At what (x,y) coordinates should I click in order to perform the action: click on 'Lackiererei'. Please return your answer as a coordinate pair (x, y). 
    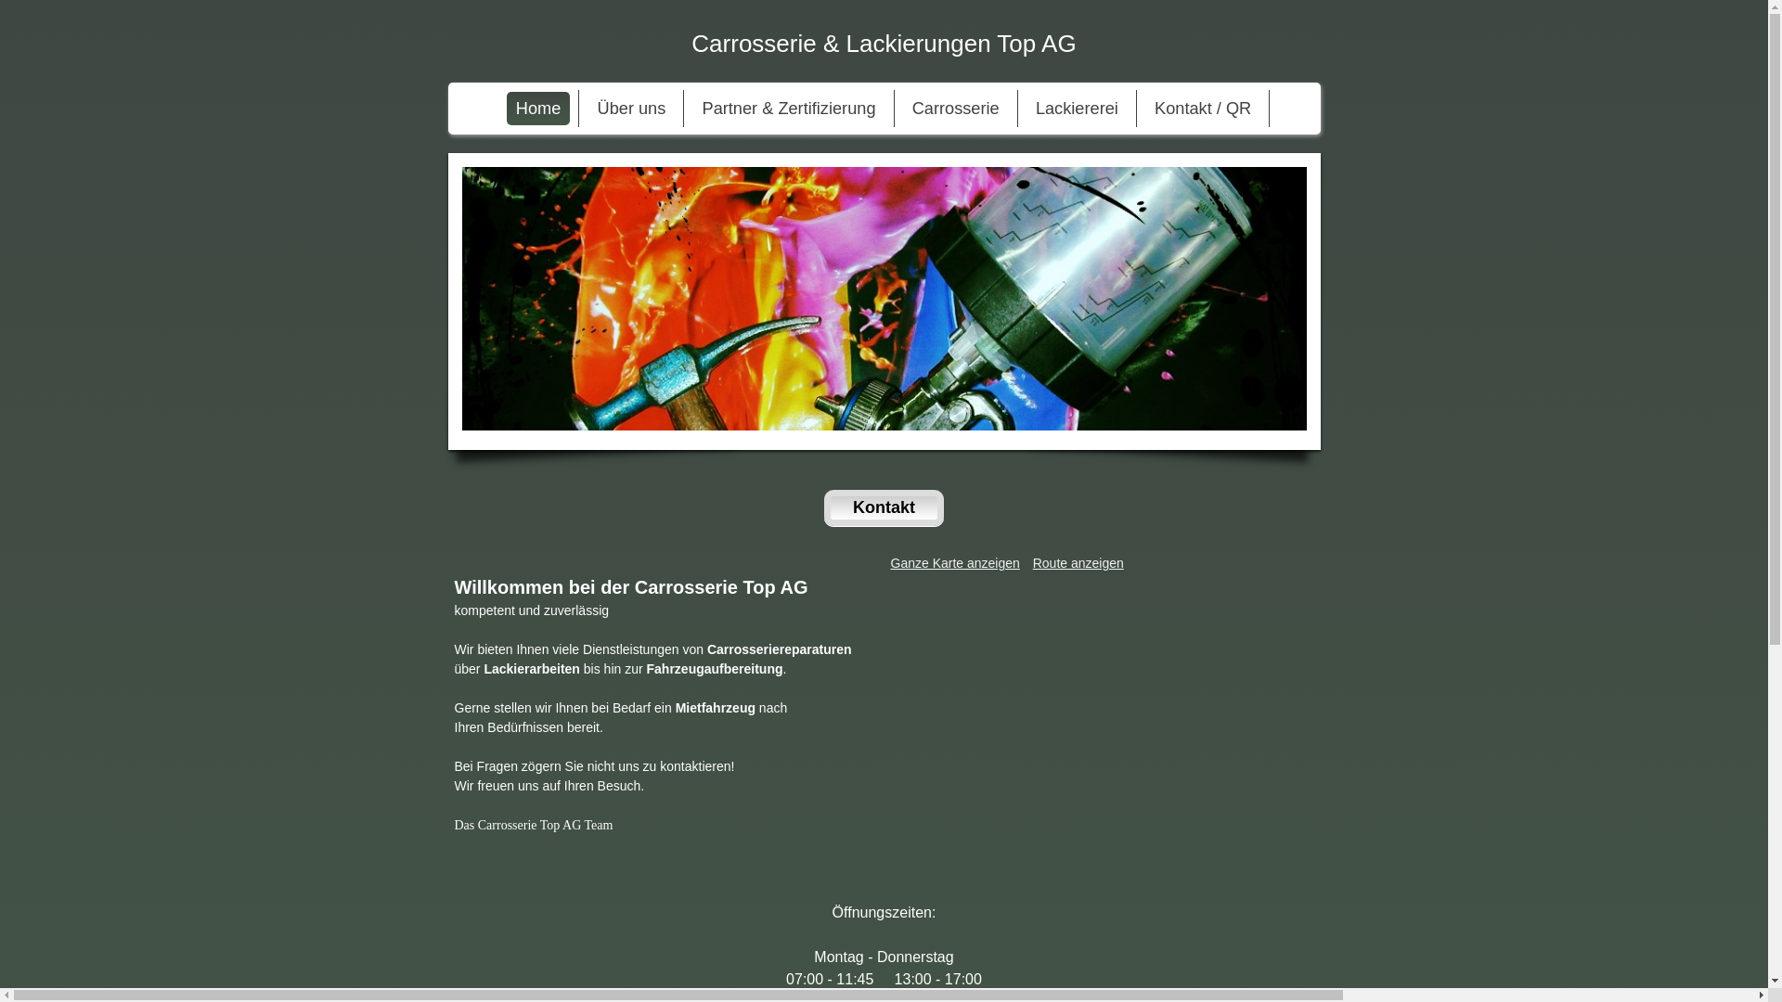
    Looking at the image, I should click on (1077, 108).